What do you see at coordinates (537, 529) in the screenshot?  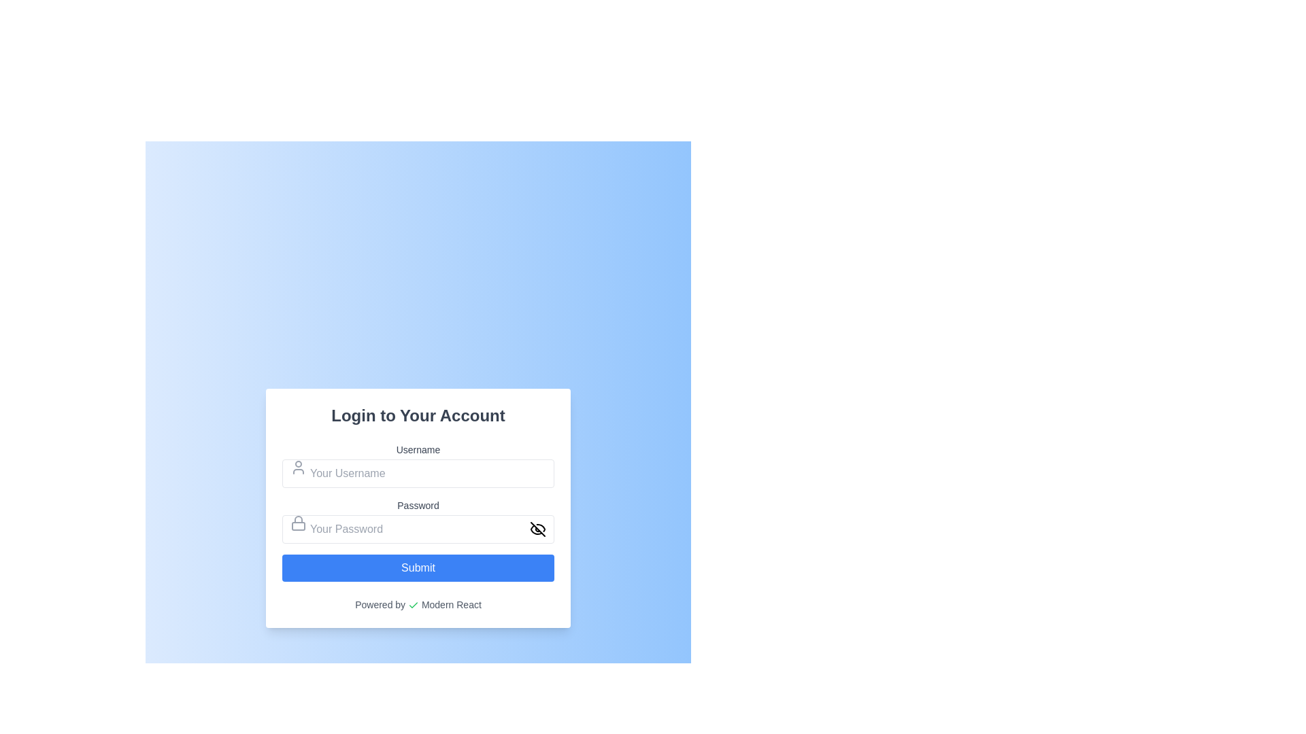 I see `the eye icon button located at the right end of the 'Your Password' input field` at bounding box center [537, 529].